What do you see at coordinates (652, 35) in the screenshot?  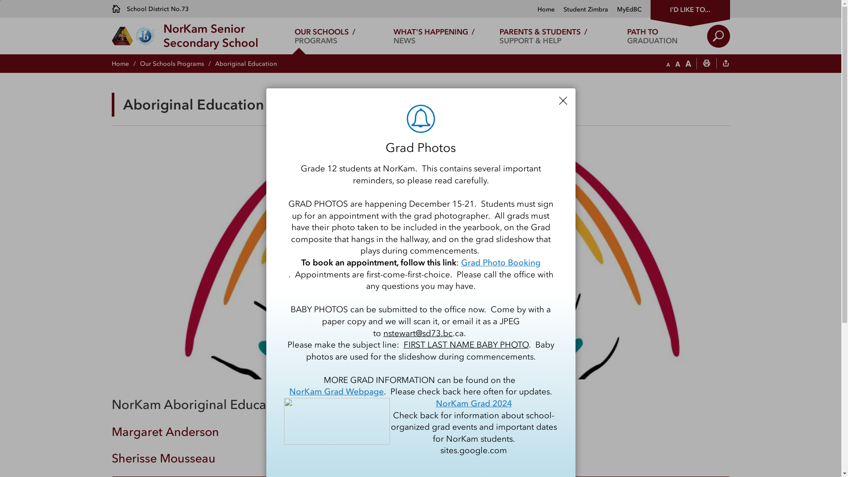 I see `'PATH TO` at bounding box center [652, 35].